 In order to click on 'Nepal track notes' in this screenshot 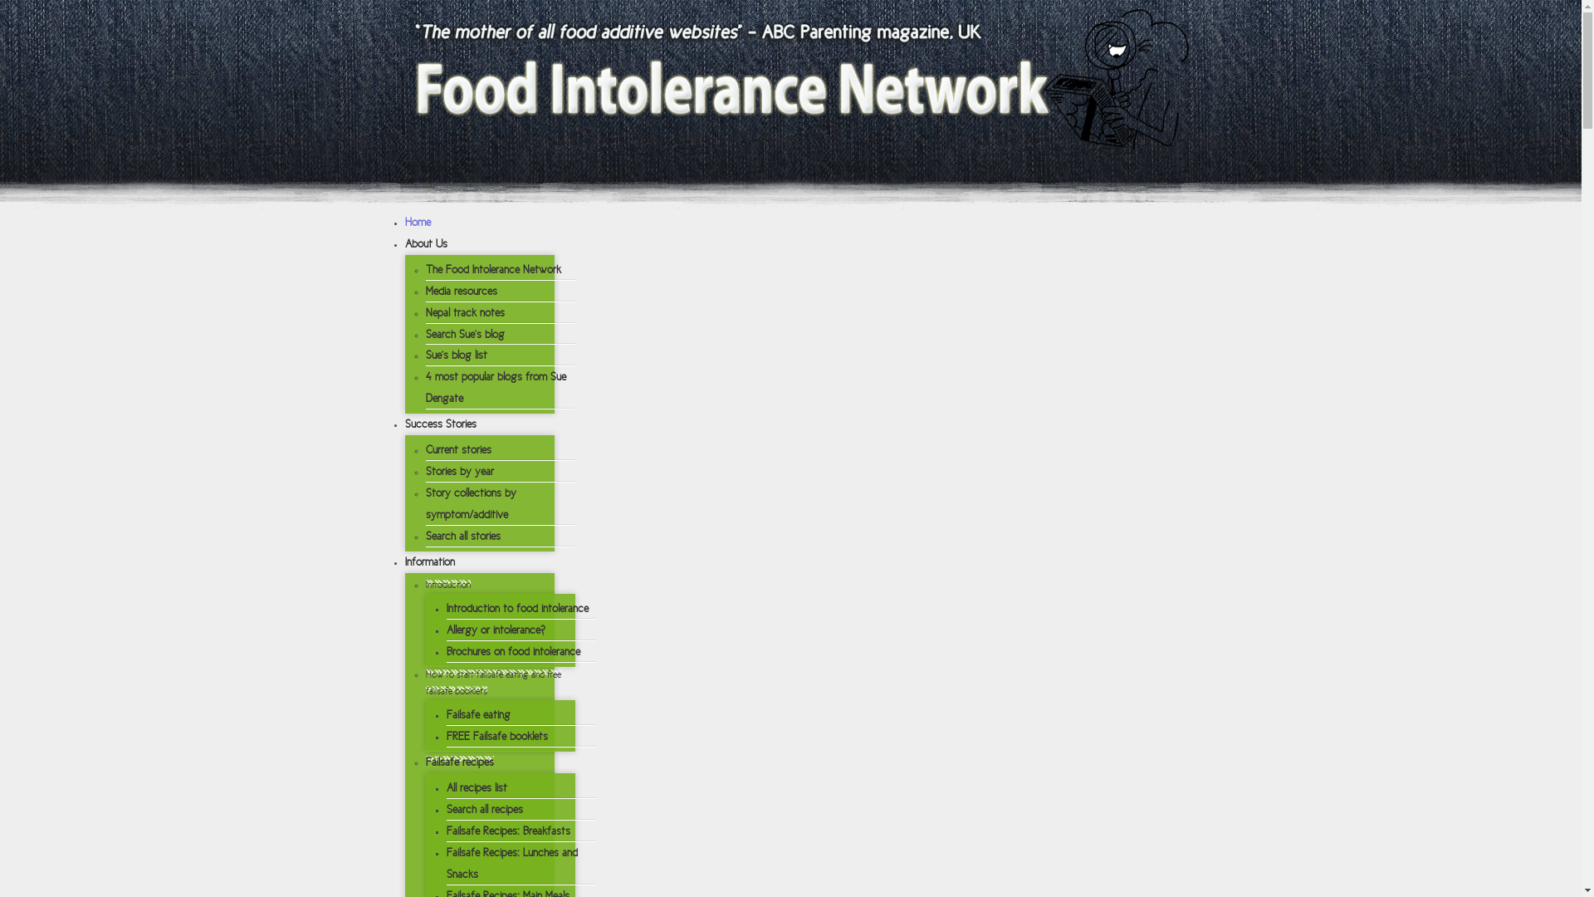, I will do `click(425, 312)`.